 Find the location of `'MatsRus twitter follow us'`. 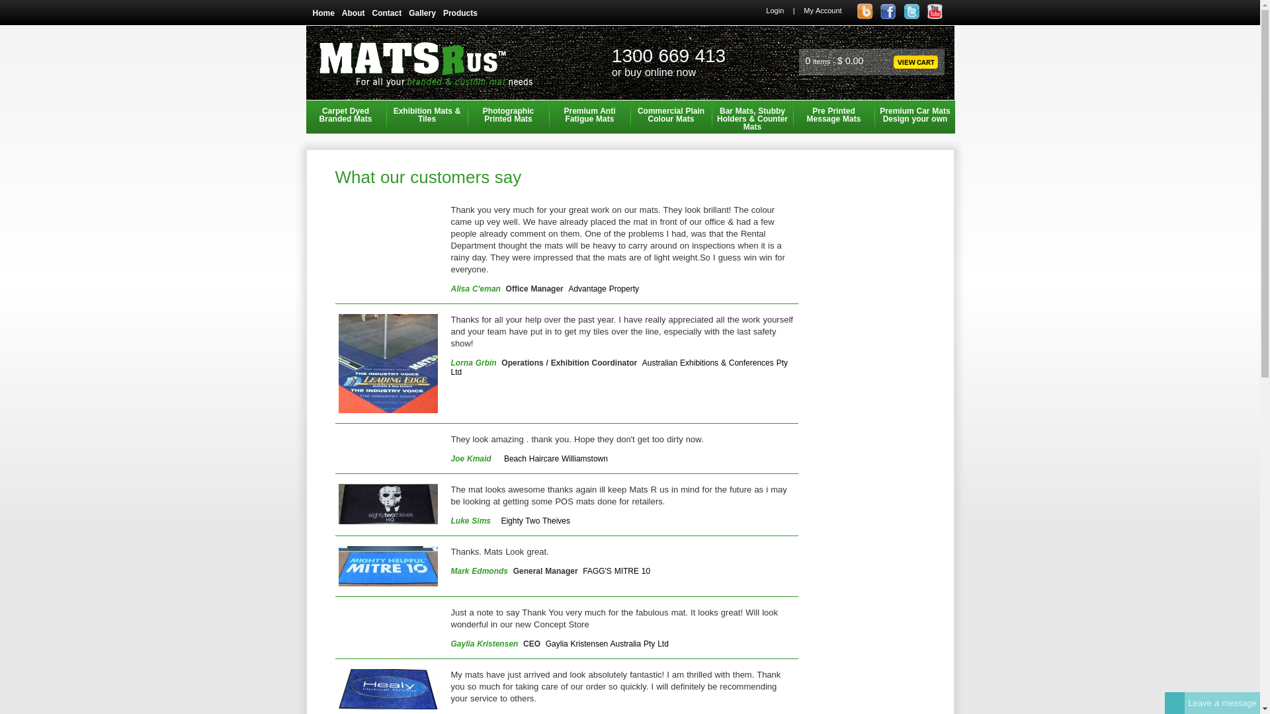

'MatsRus twitter follow us' is located at coordinates (911, 11).